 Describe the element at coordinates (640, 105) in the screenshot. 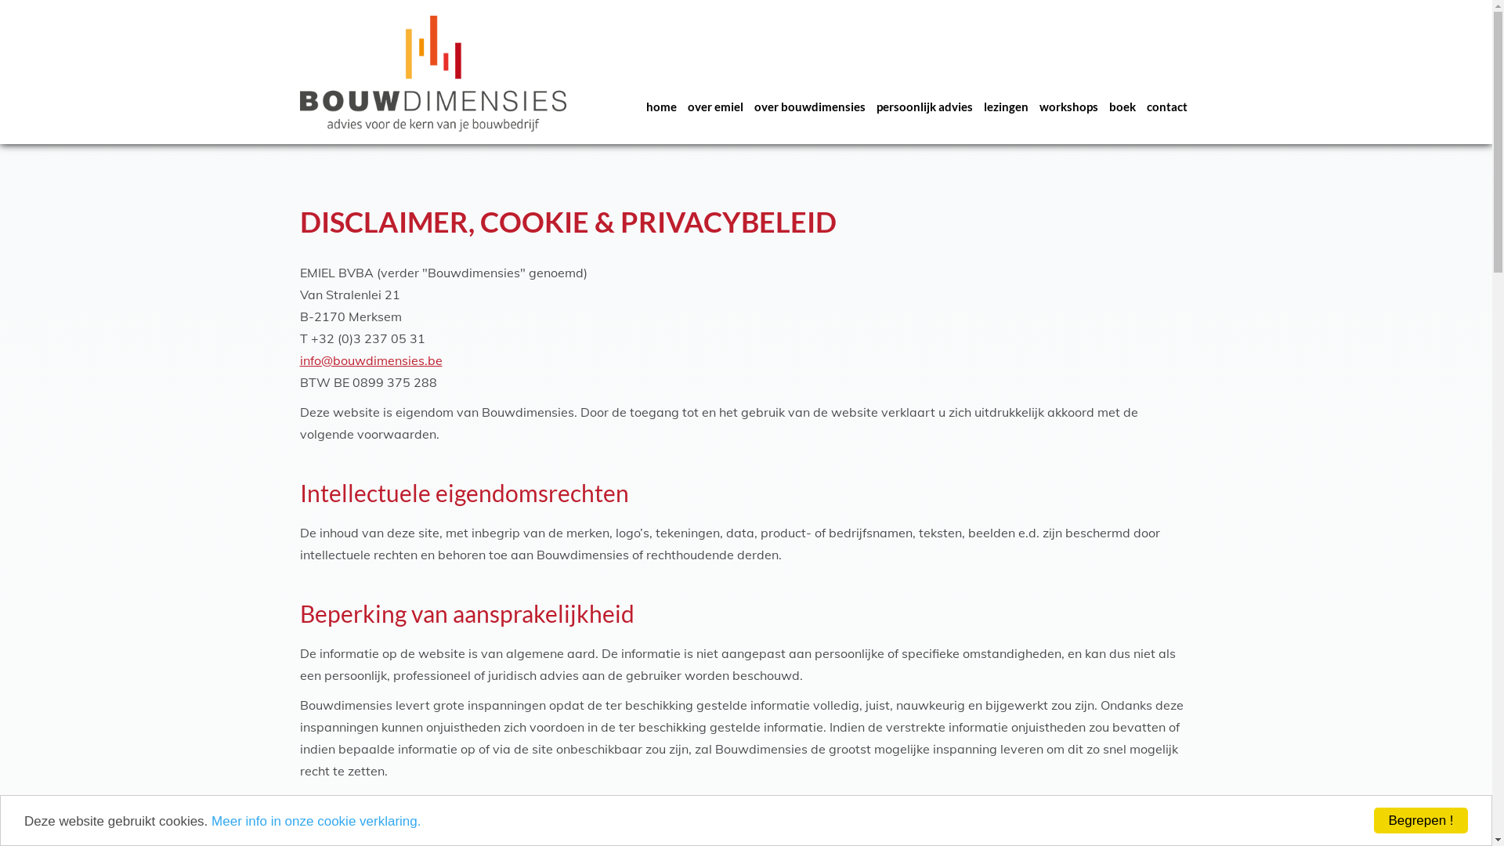

I see `'home'` at that location.